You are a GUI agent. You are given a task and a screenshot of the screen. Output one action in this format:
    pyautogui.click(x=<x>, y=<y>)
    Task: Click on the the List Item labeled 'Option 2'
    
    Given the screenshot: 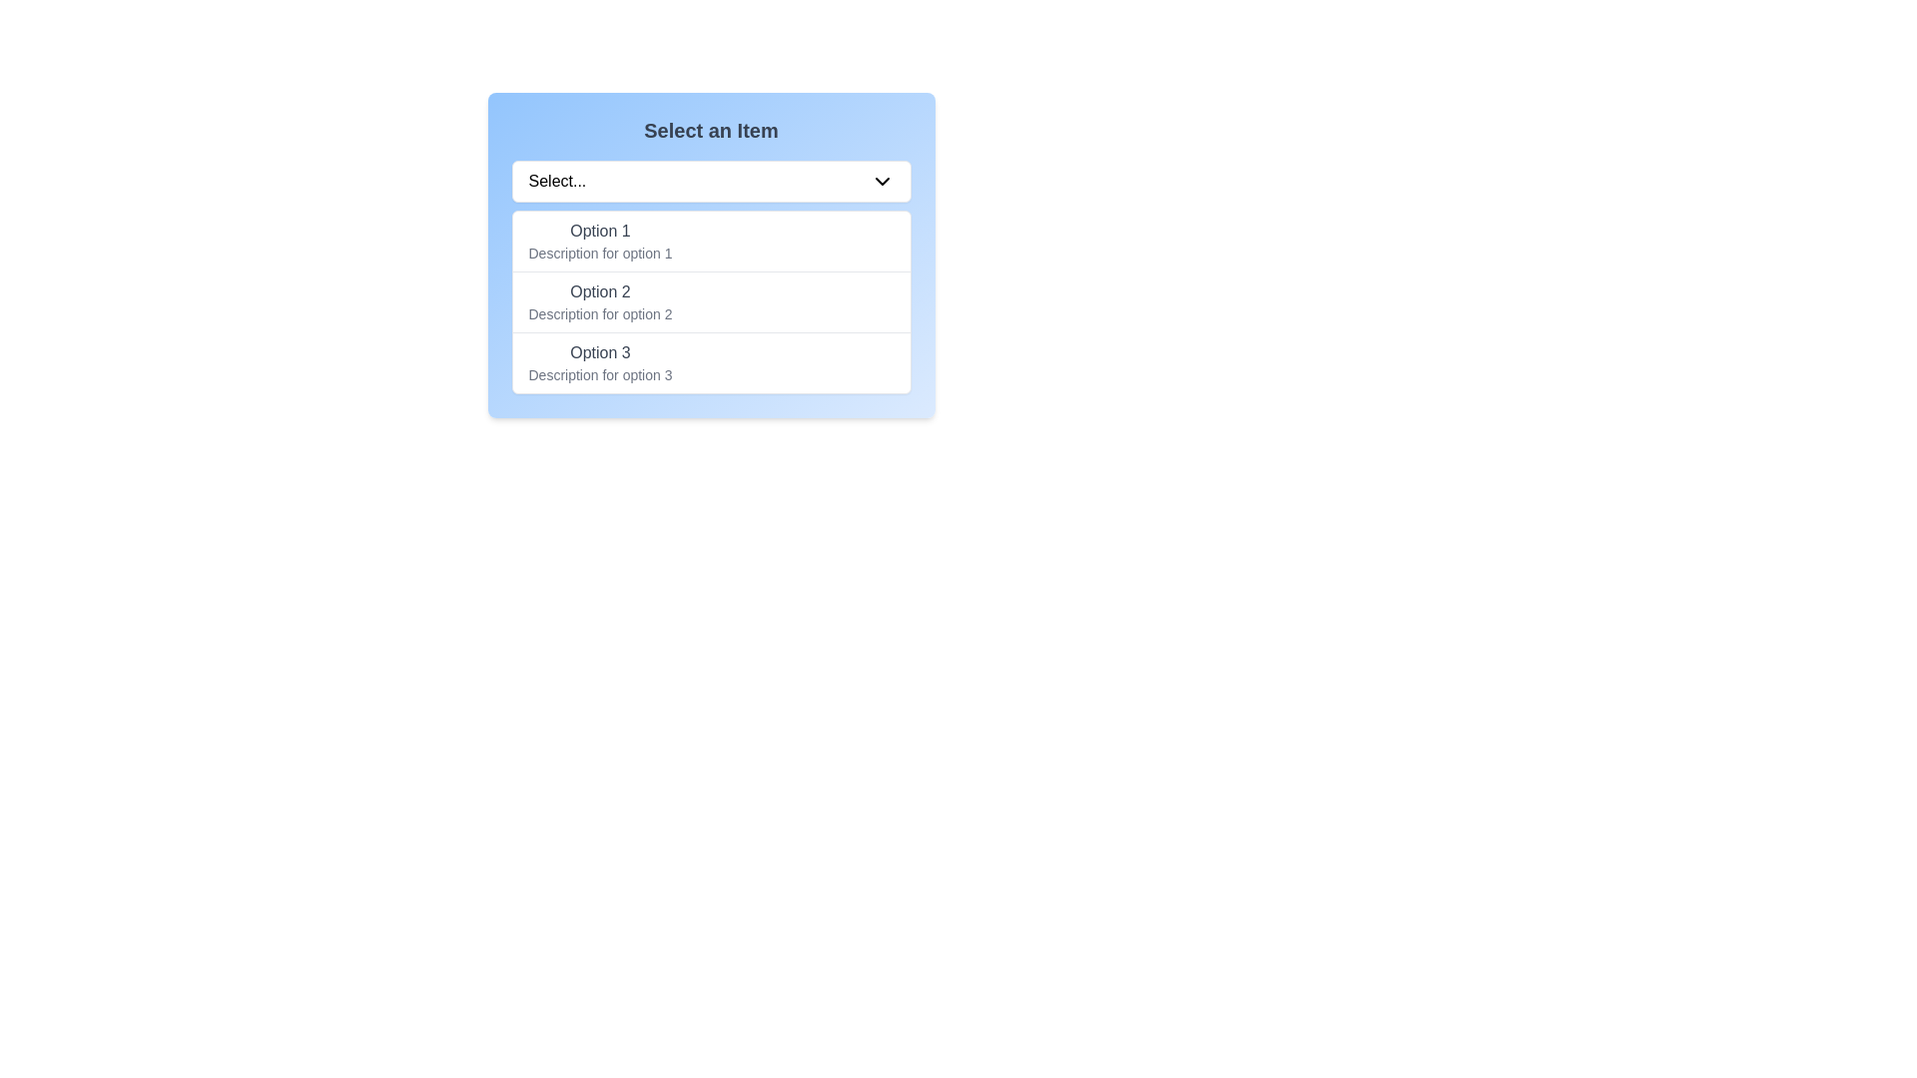 What is the action you would take?
    pyautogui.click(x=711, y=301)
    